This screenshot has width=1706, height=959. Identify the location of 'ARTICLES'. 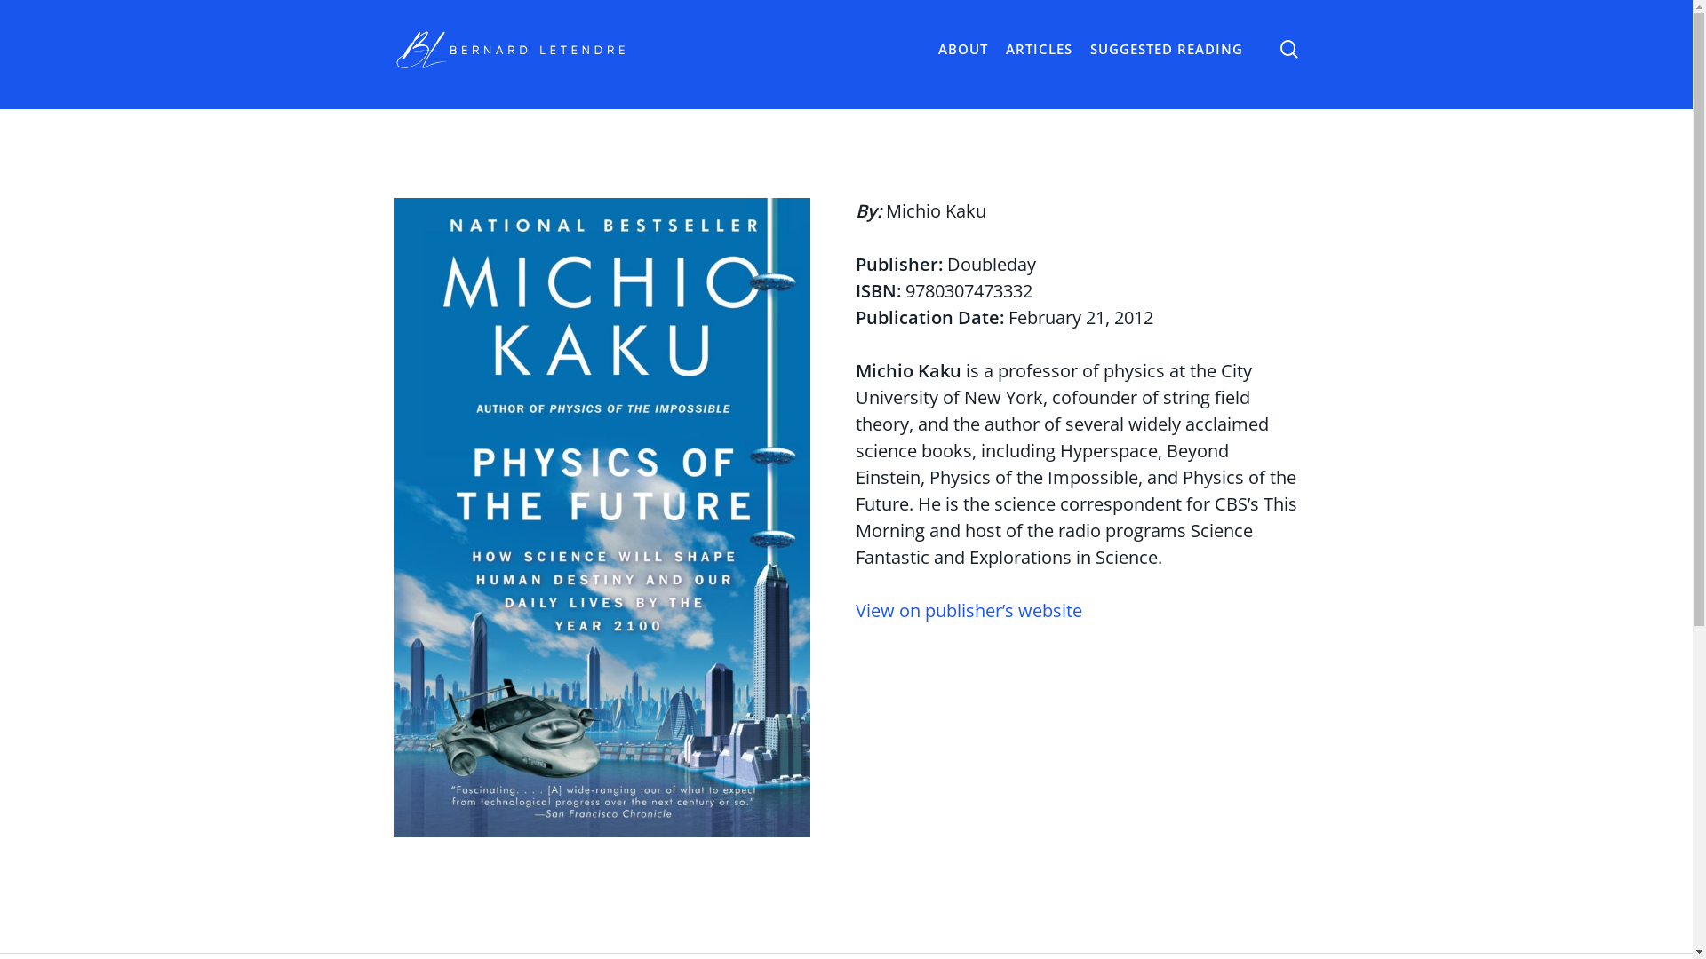
(1039, 47).